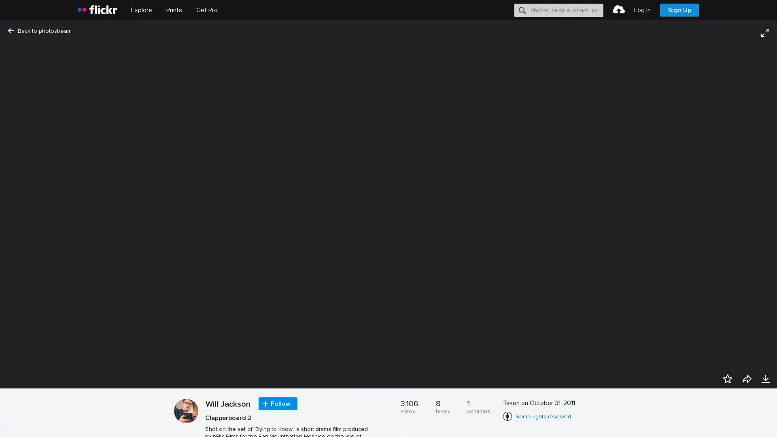 The height and width of the screenshot is (437, 777). What do you see at coordinates (617, 421) in the screenshot?
I see `Accept` at bounding box center [617, 421].